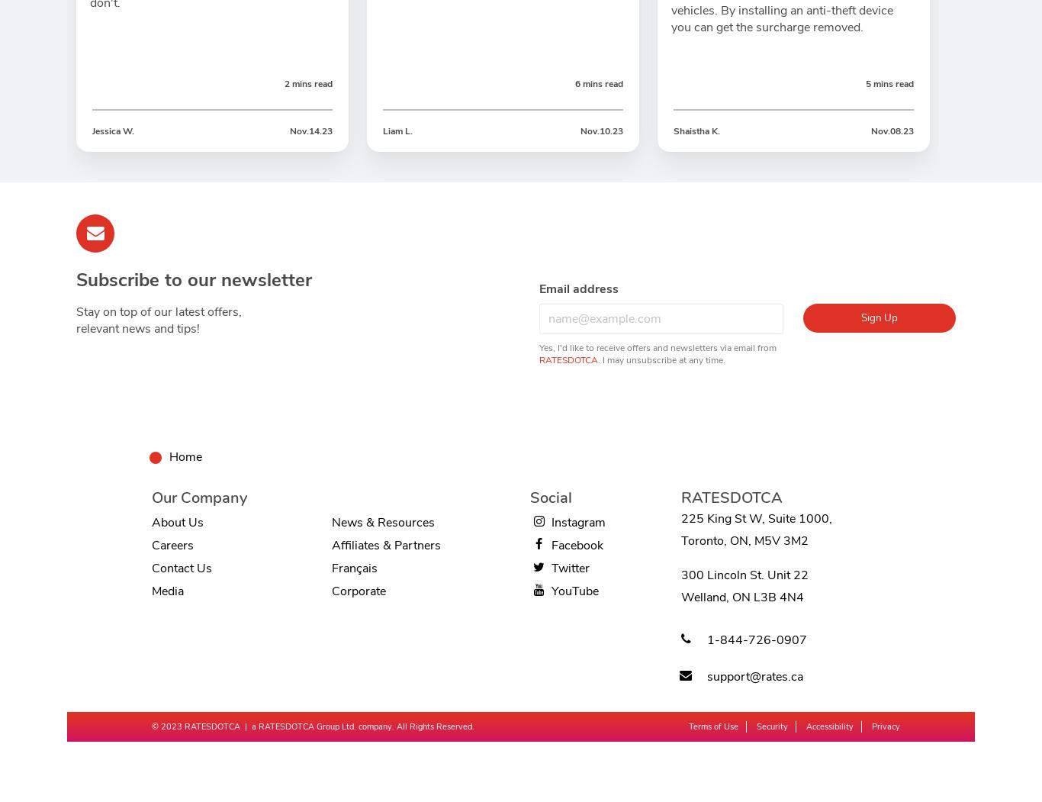  Describe the element at coordinates (742, 596) in the screenshot. I see `'Welland, ON L3B 4N4'` at that location.